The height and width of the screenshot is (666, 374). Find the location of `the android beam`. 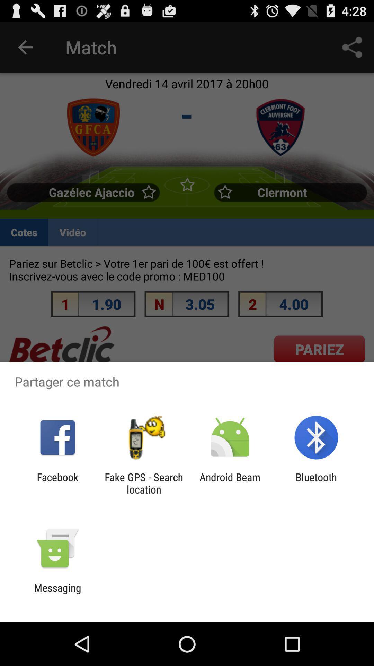

the android beam is located at coordinates (230, 483).